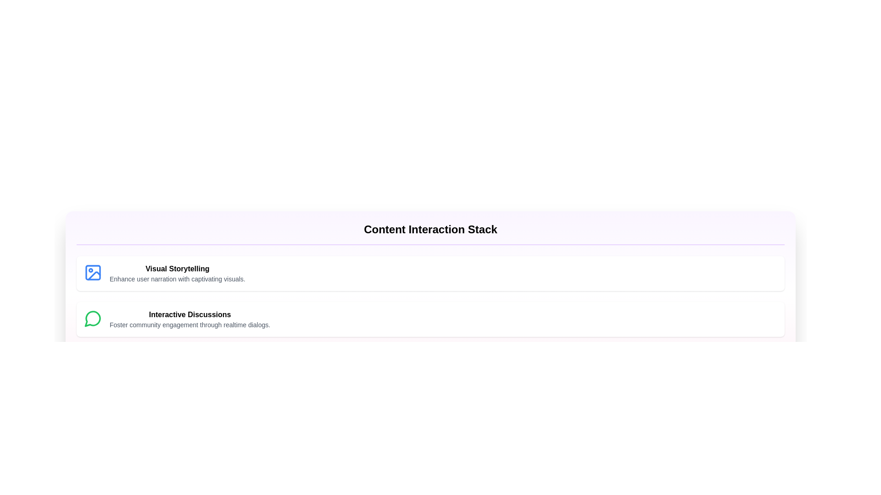 This screenshot has height=495, width=881. Describe the element at coordinates (177, 279) in the screenshot. I see `the text component that contains the phrase 'Enhance user narration with captivating visuals.' located under the 'Visual Storytelling' heading` at that location.